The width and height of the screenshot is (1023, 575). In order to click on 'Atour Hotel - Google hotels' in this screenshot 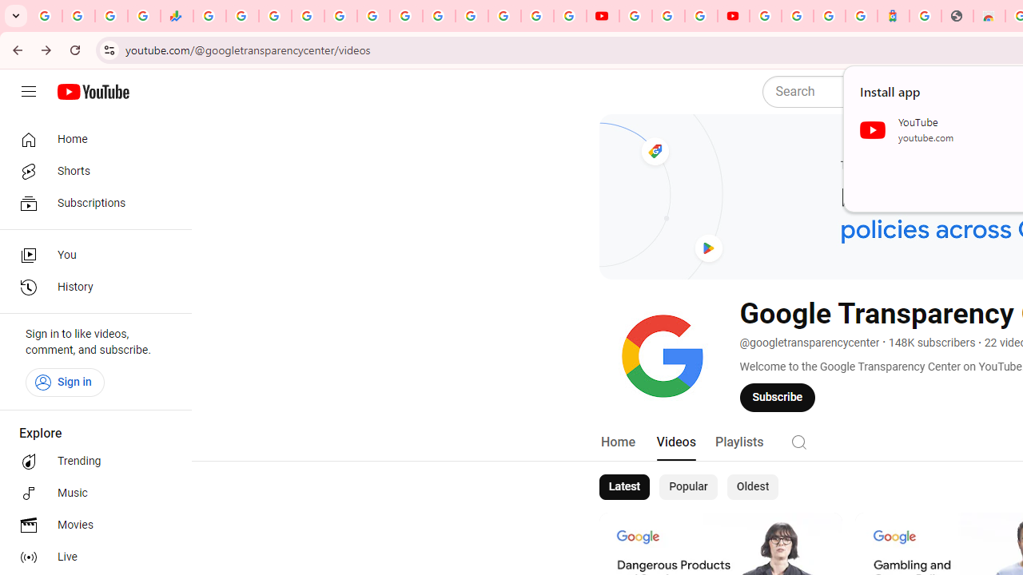, I will do `click(893, 16)`.